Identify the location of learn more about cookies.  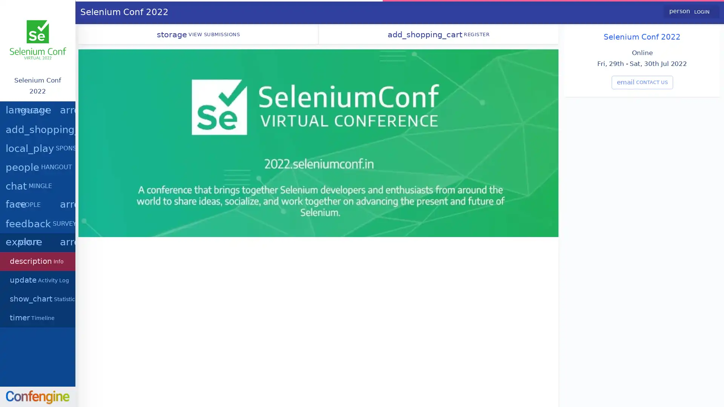
(103, 361).